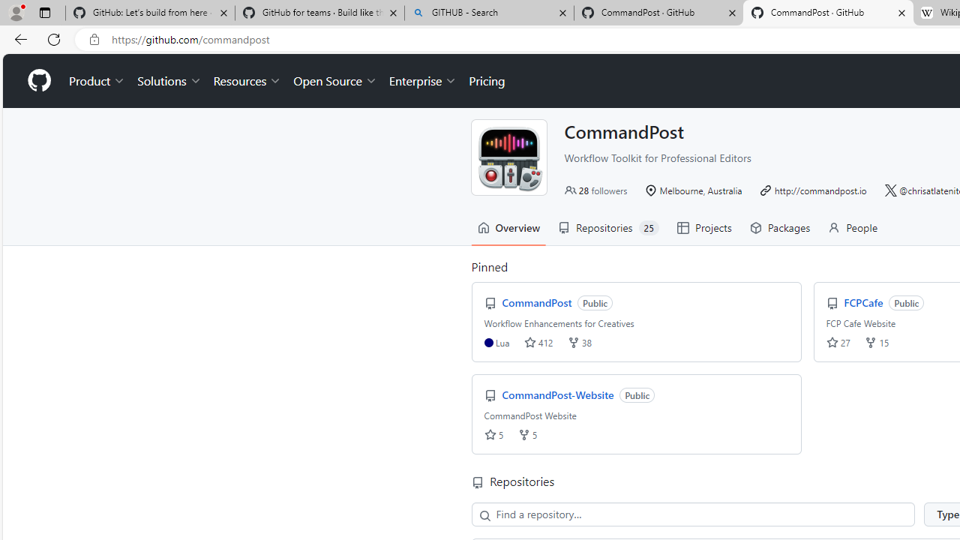  Describe the element at coordinates (493, 434) in the screenshot. I see `'stars 5'` at that location.